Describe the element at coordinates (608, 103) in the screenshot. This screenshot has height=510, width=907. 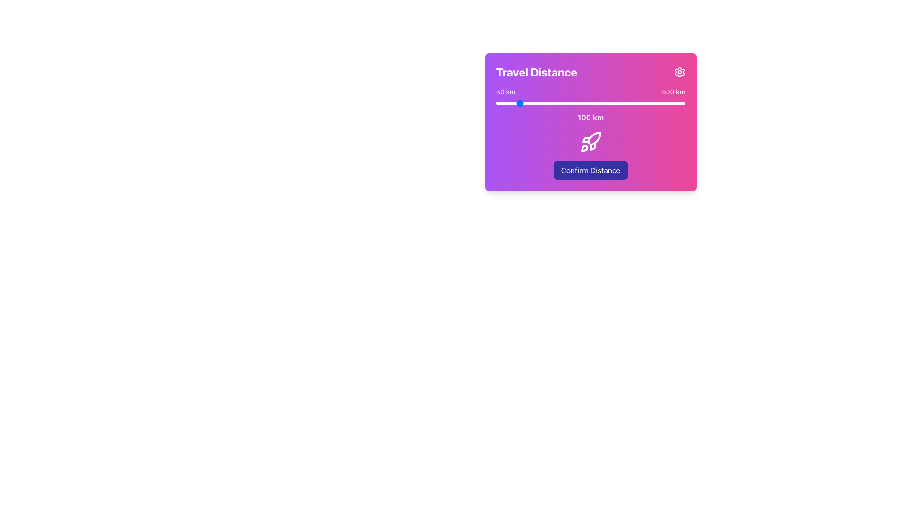
I see `the travel distance` at that location.